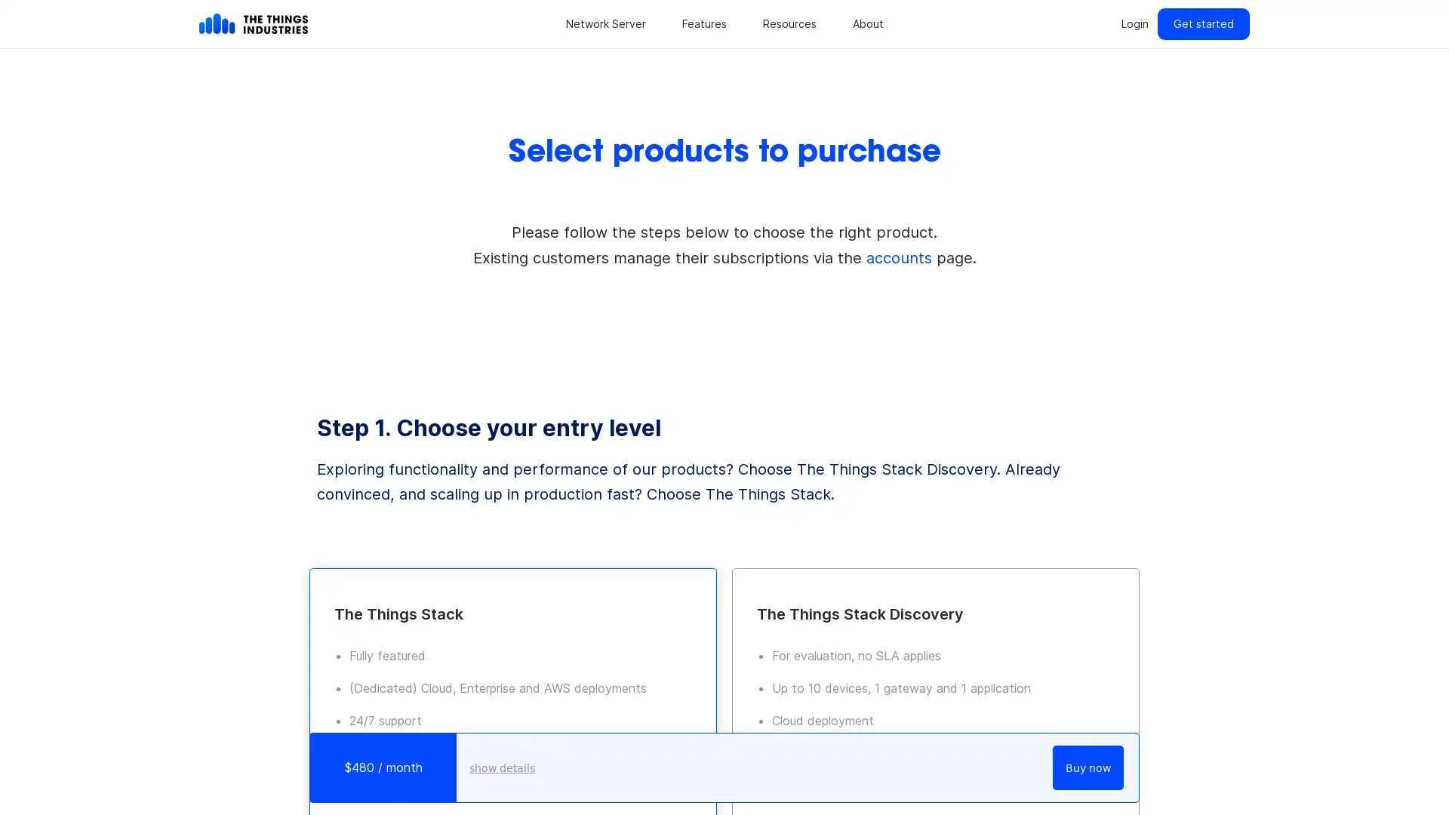  What do you see at coordinates (1411, 777) in the screenshot?
I see `Open Intercom Messenger` at bounding box center [1411, 777].